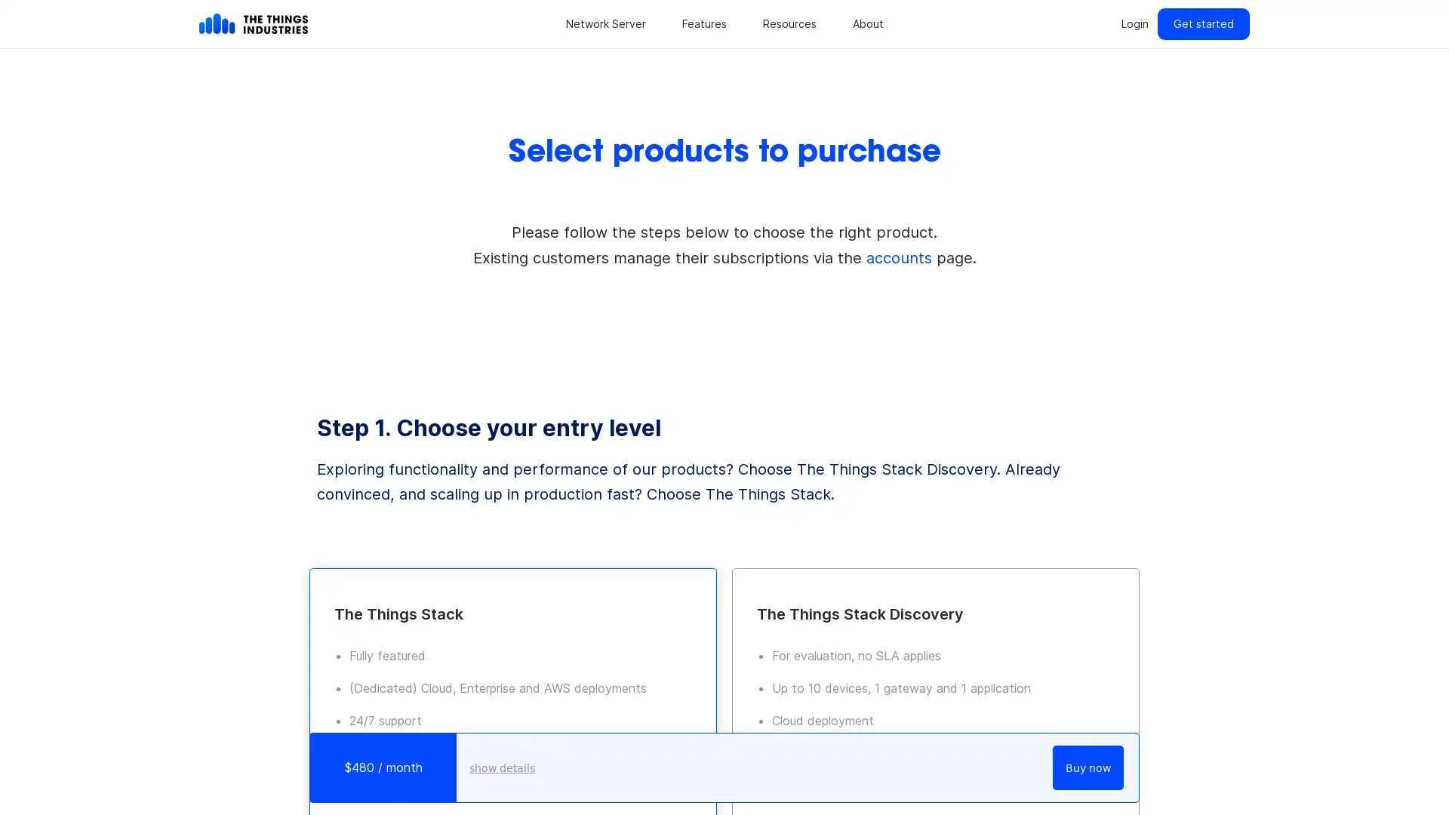  What do you see at coordinates (1411, 777) in the screenshot?
I see `Open Intercom Messenger` at bounding box center [1411, 777].